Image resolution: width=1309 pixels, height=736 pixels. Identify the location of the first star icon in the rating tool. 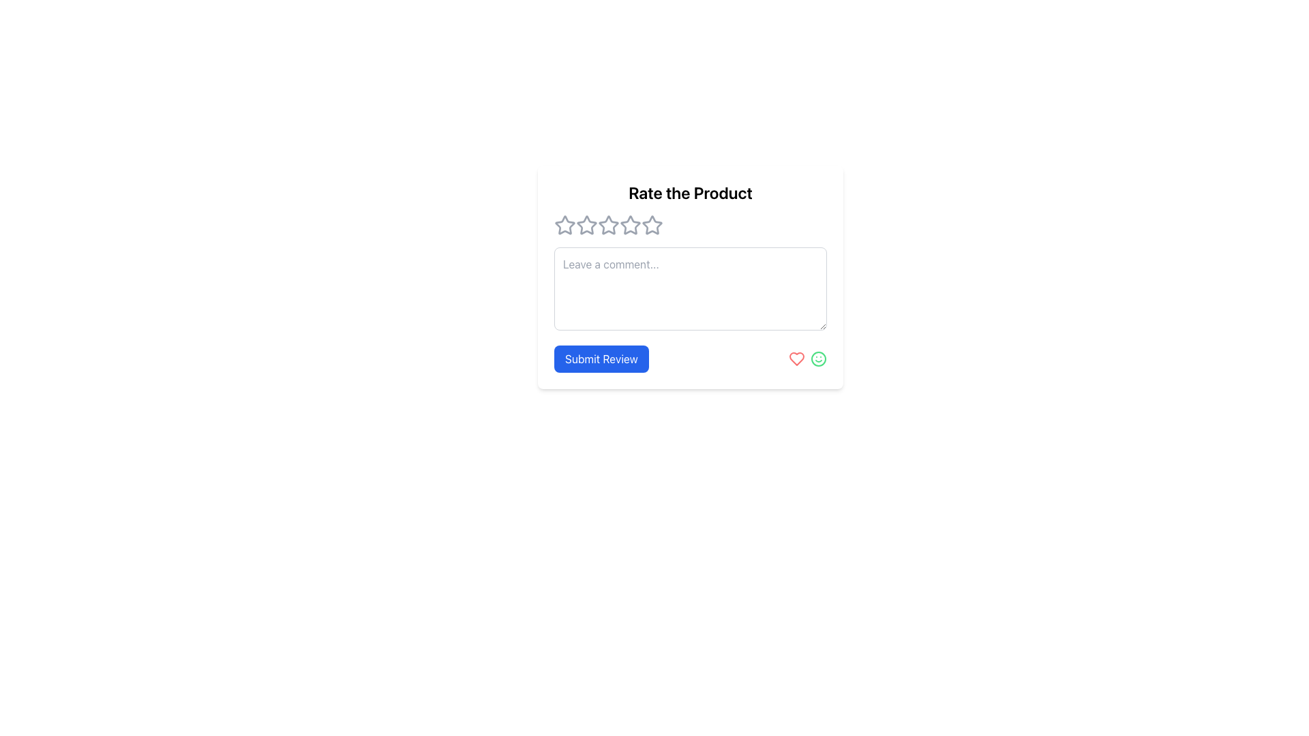
(565, 225).